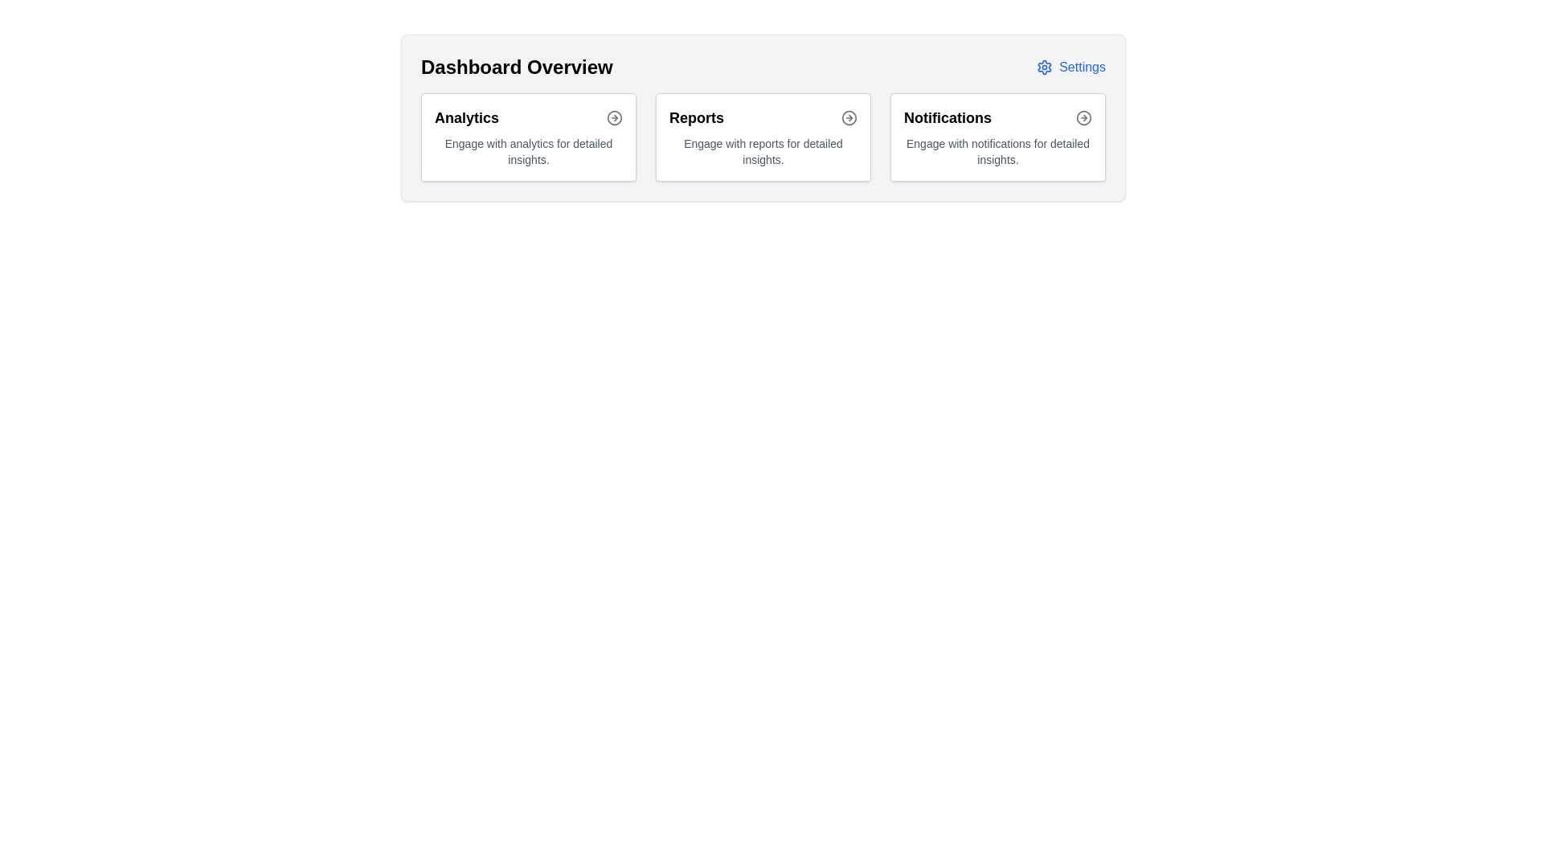 The width and height of the screenshot is (1543, 868). I want to click on the 'Reports' card component, which has a bold title and an icon with an arrow in the upper-right corner, so click(763, 136).